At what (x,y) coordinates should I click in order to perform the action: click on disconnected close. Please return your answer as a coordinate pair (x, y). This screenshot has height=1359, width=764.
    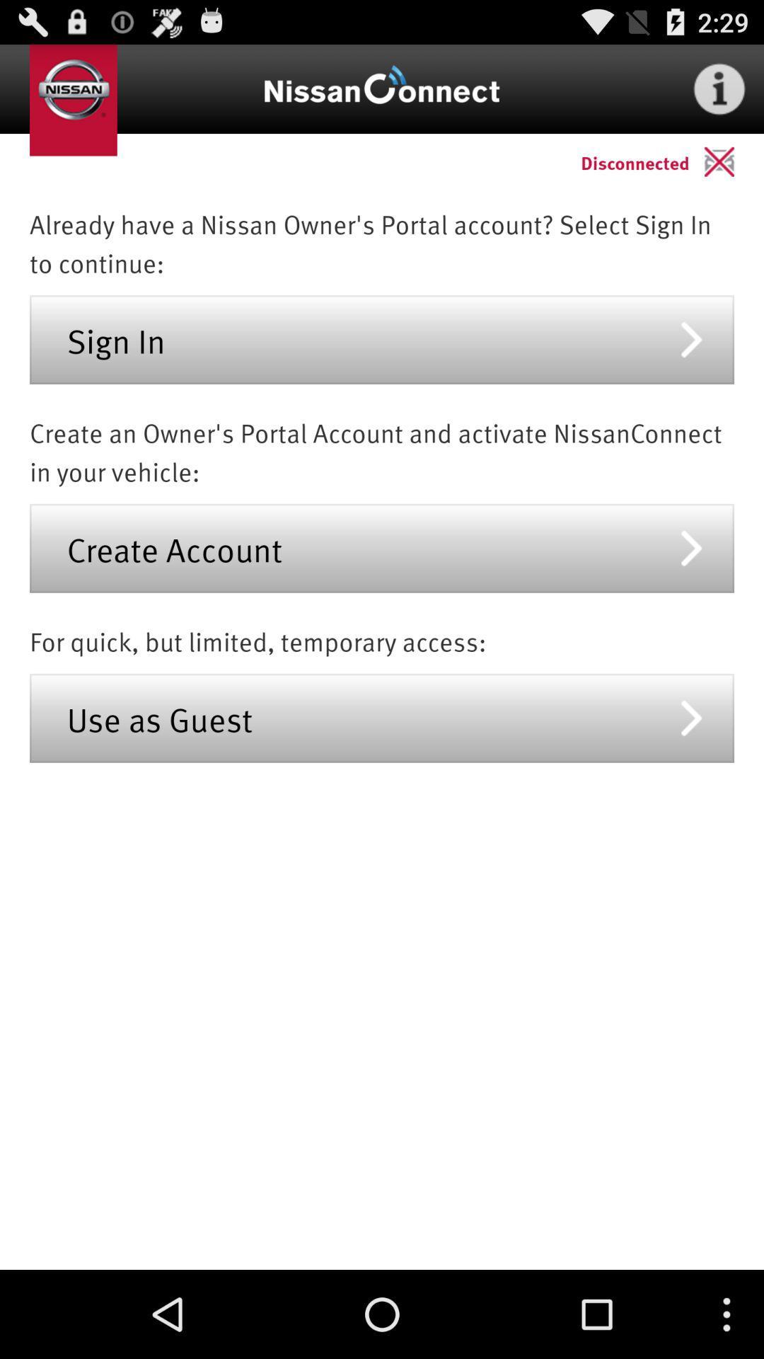
    Looking at the image, I should click on (733, 161).